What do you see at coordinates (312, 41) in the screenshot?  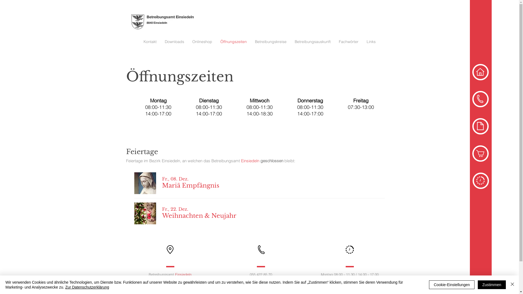 I see `'Betreibungsauskunft'` at bounding box center [312, 41].